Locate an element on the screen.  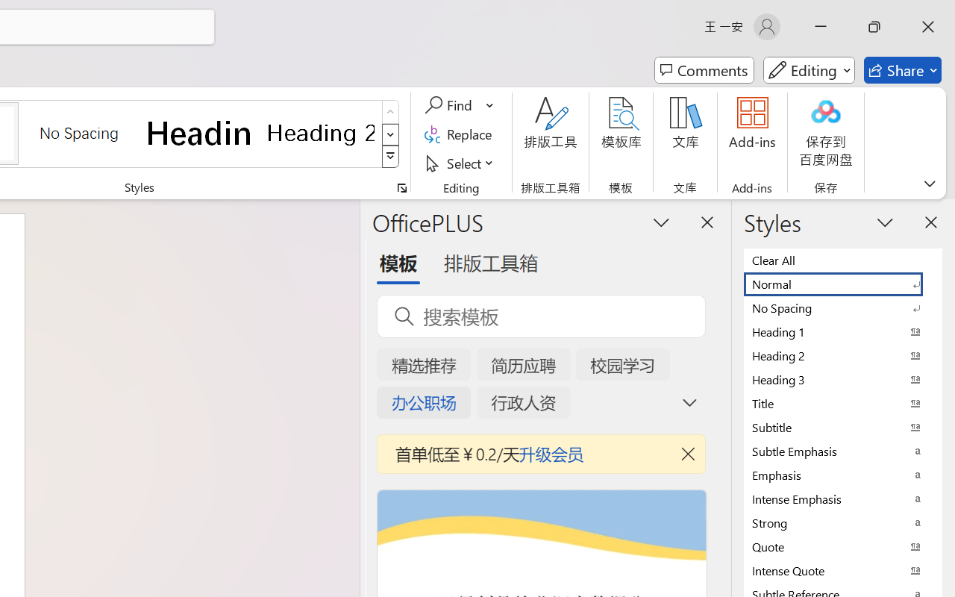
'Find' is located at coordinates (450, 105).